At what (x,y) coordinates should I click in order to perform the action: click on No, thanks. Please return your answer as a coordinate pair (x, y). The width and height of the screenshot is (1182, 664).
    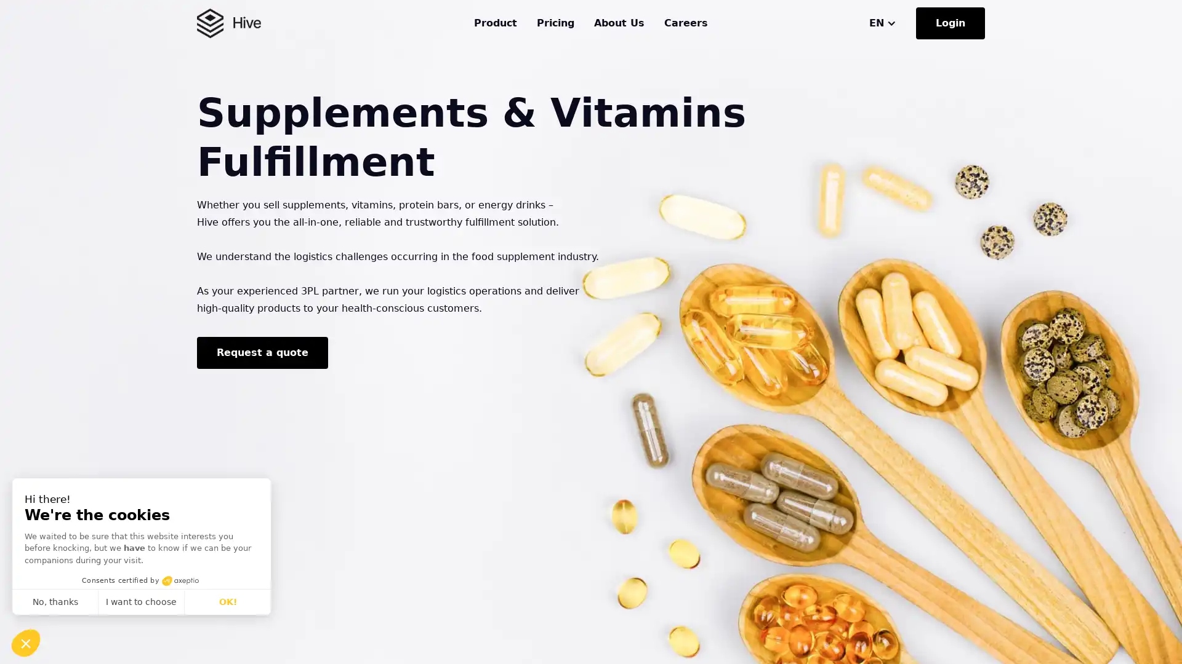
    Looking at the image, I should click on (55, 601).